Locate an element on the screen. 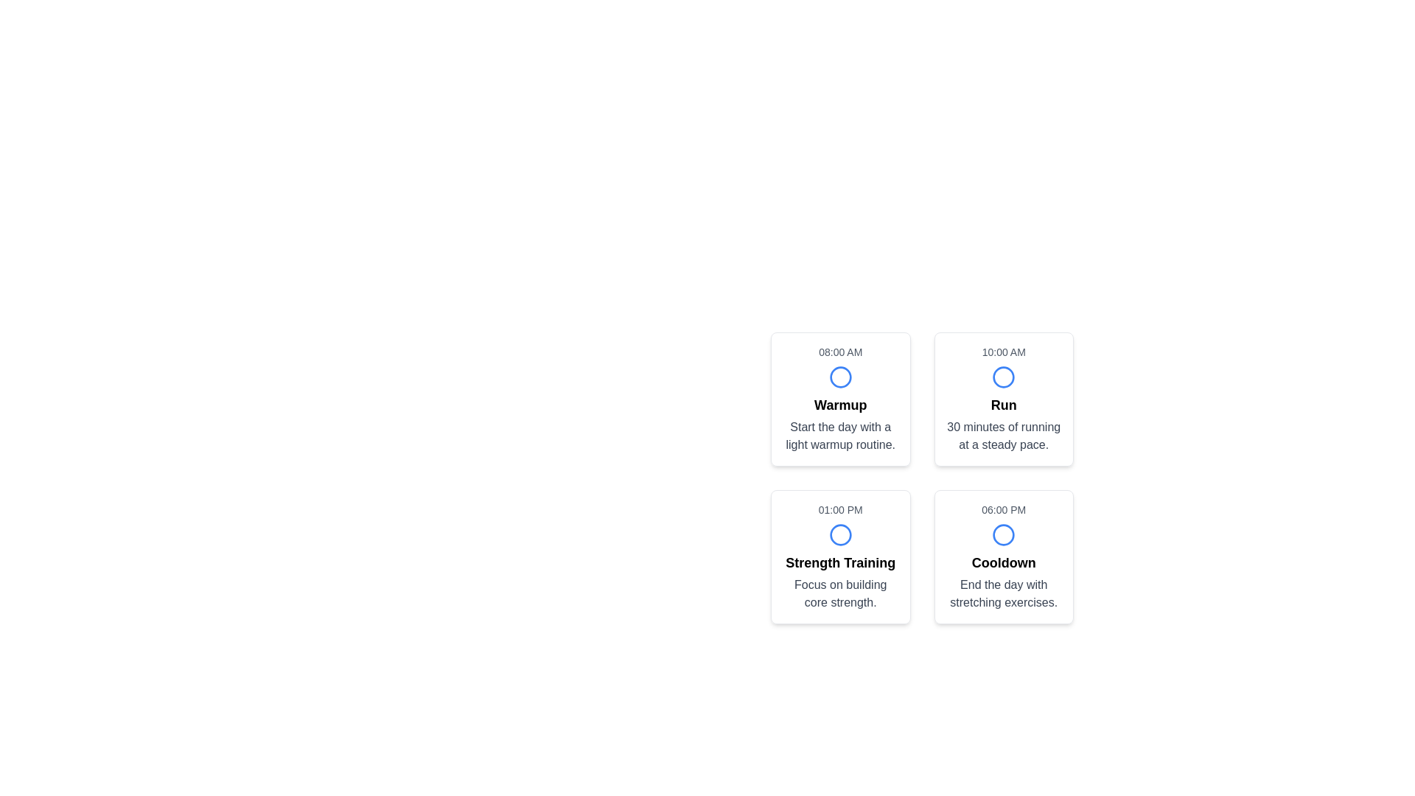  the third Informative card located in the bottom-left corner of the grid is located at coordinates (840, 557).